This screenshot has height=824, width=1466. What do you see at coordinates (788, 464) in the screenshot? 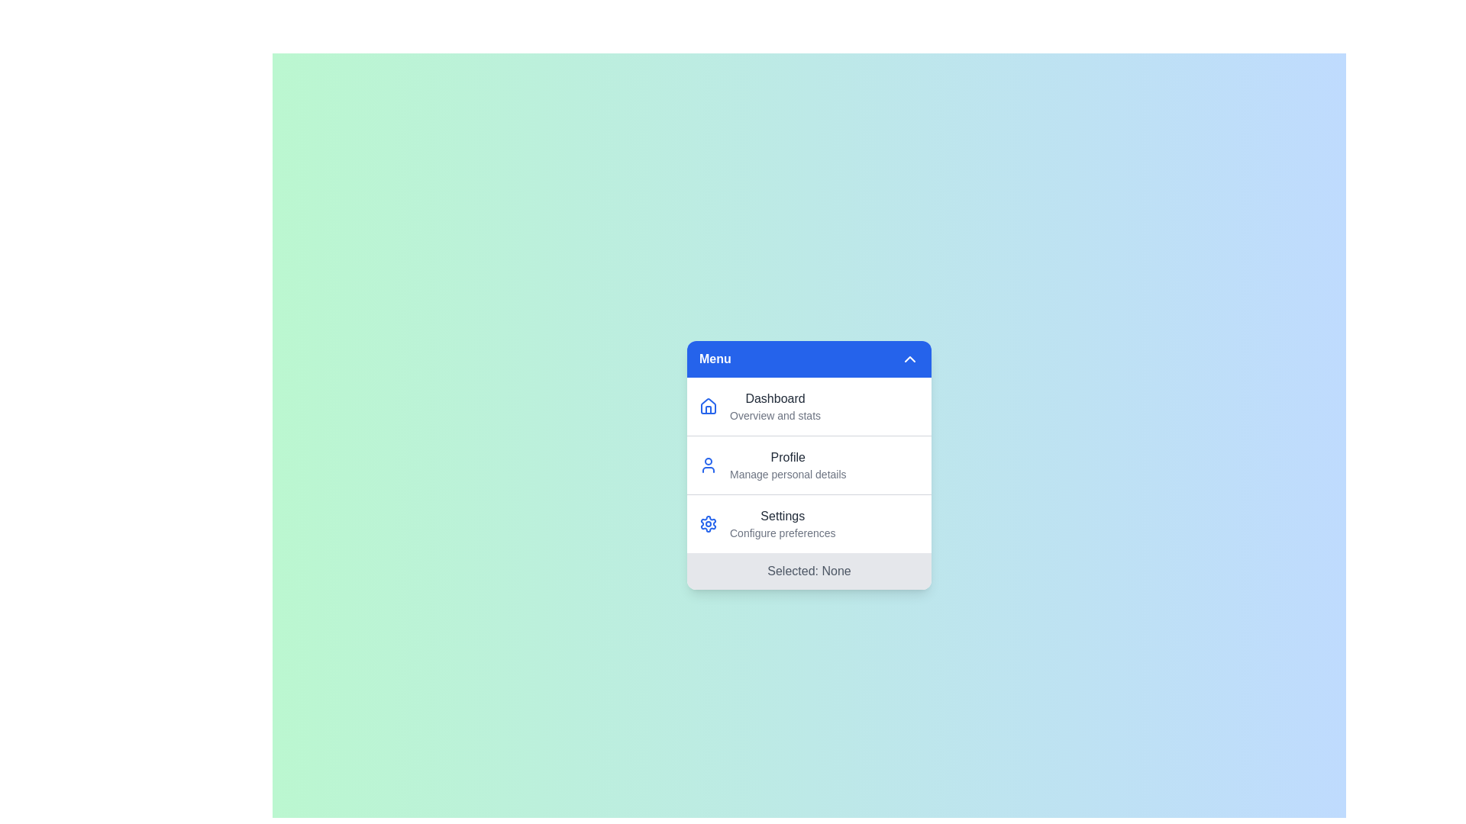
I see `the menu item Profile from the menu` at bounding box center [788, 464].